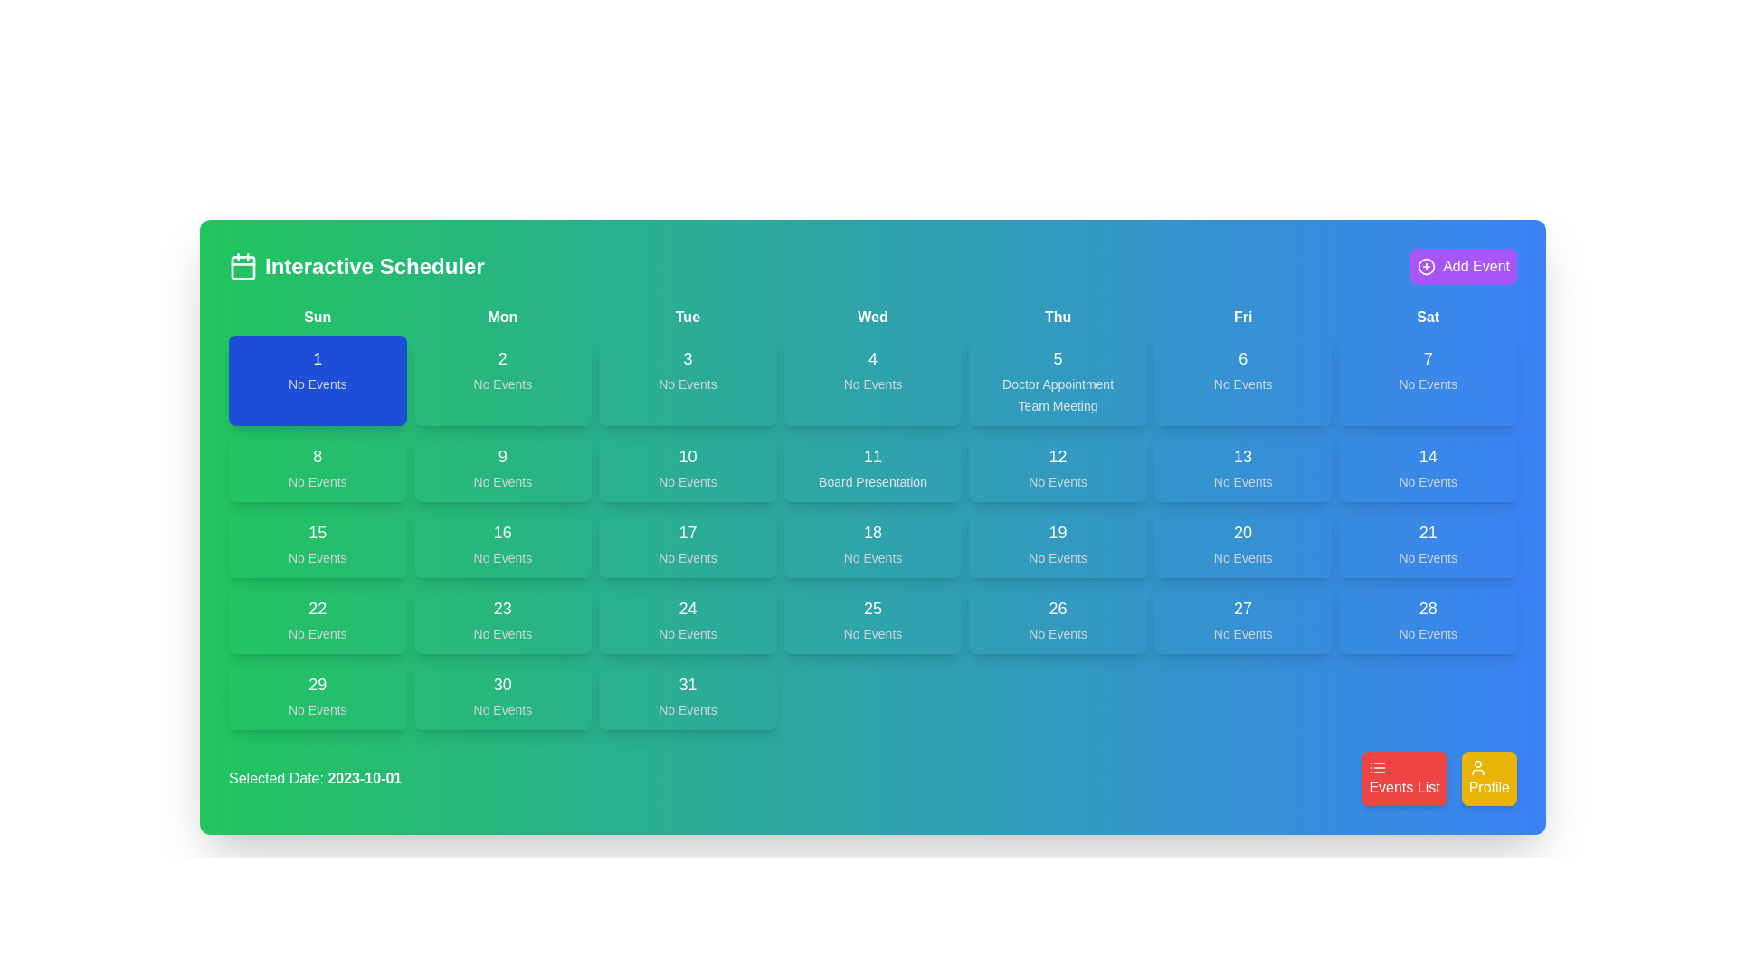 The image size is (1737, 977). I want to click on the static text label that reads 'No Events', which is styled with a small font size and light gray color, located inside a green background and positioned directly below the number '16' in the fourth column and third row of the calendar grid, so click(502, 557).